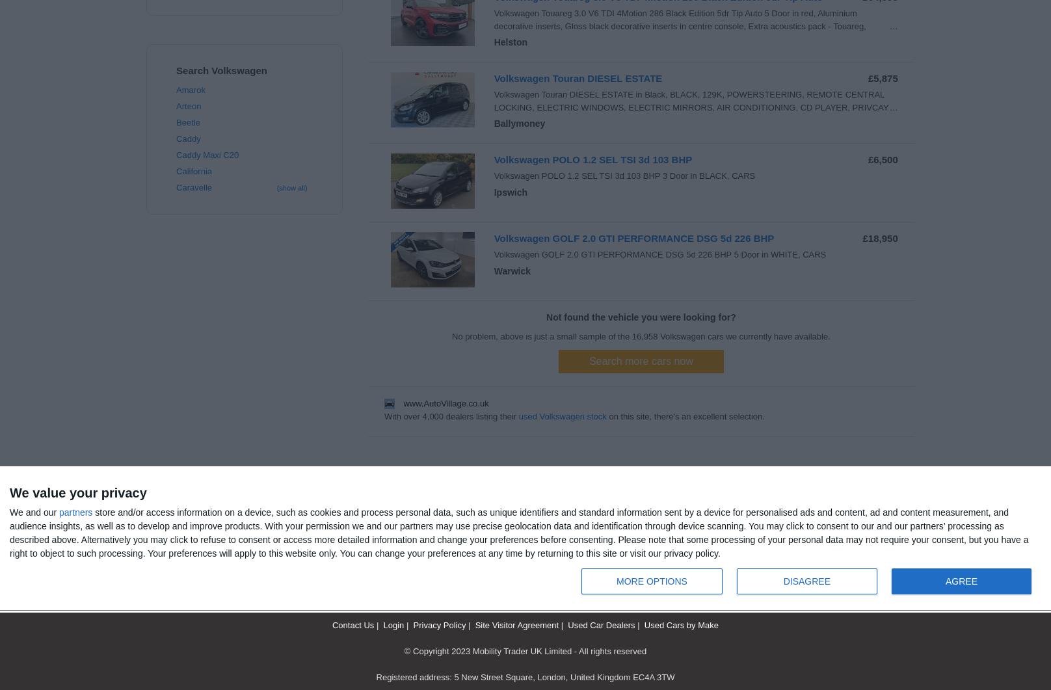  I want to click on 'Contact Us', so click(352, 624).